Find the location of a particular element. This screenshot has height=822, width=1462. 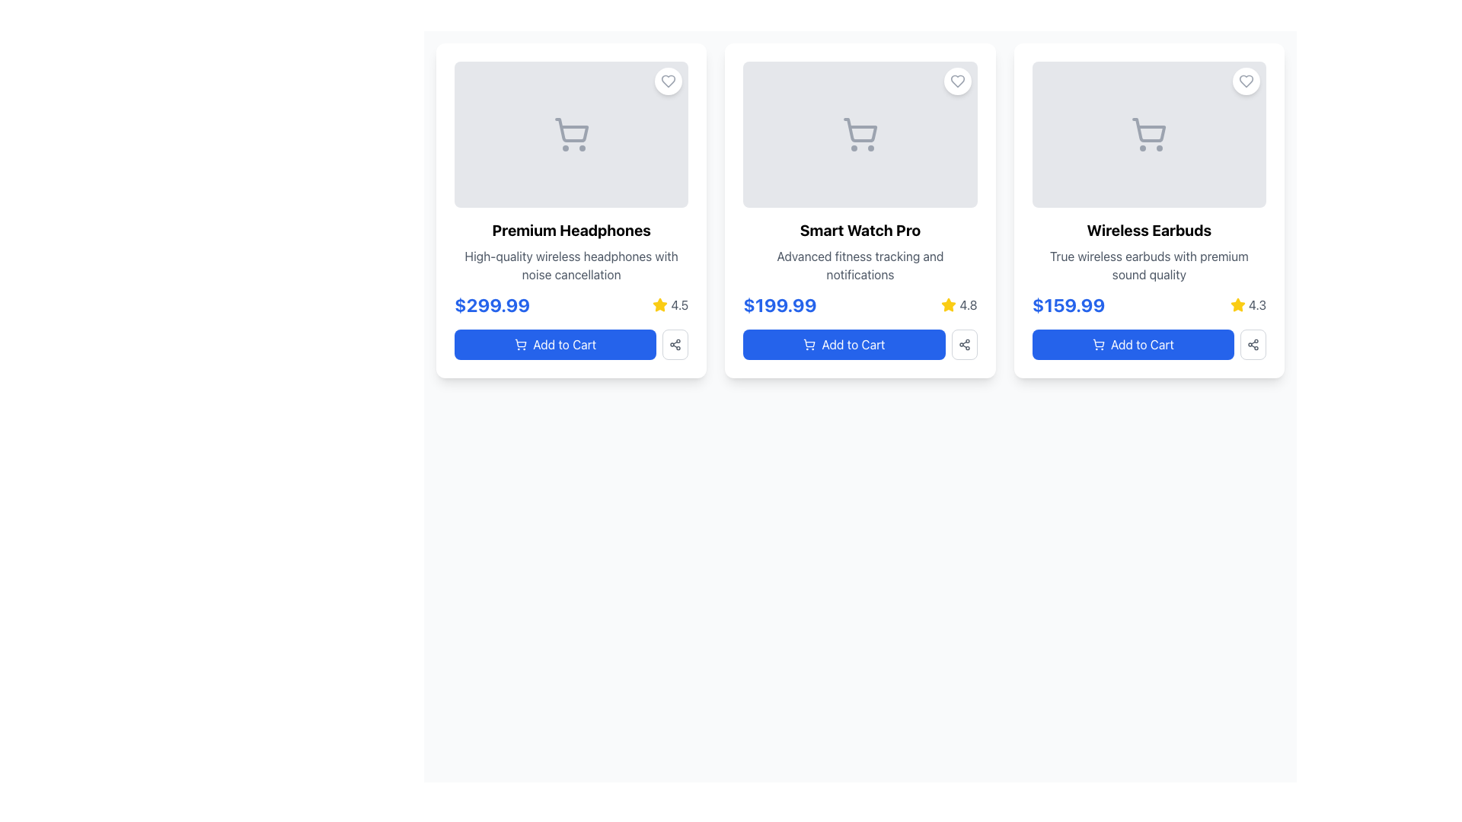

the rating section of the informational display for 'Premium Headphones' is located at coordinates (570, 305).